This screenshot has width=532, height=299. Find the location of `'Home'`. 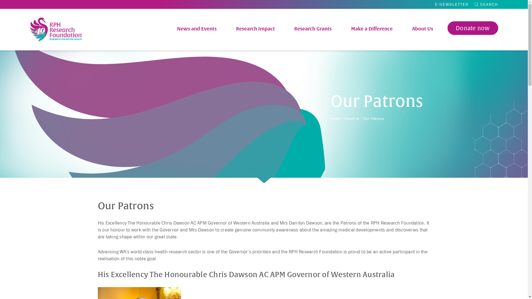

'Home' is located at coordinates (335, 118).